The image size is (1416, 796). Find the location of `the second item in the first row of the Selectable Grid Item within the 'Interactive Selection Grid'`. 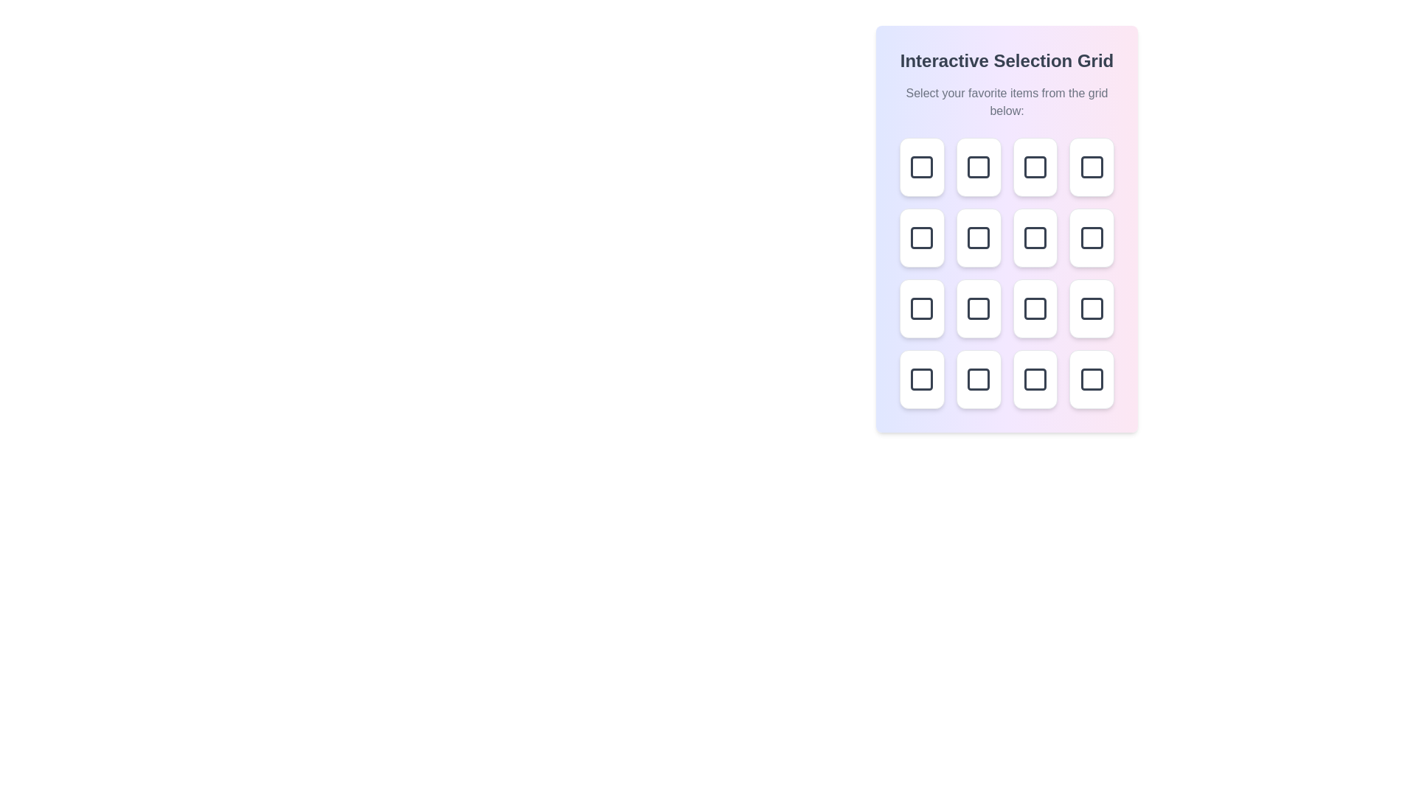

the second item in the first row of the Selectable Grid Item within the 'Interactive Selection Grid' is located at coordinates (978, 167).